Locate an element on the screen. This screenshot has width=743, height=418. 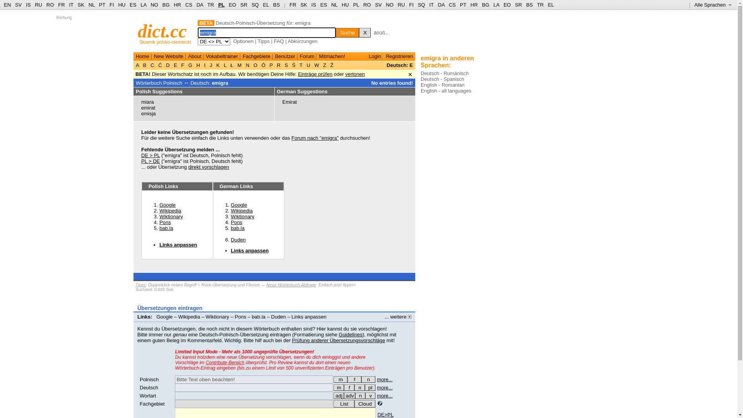
'D' is located at coordinates (167, 65).